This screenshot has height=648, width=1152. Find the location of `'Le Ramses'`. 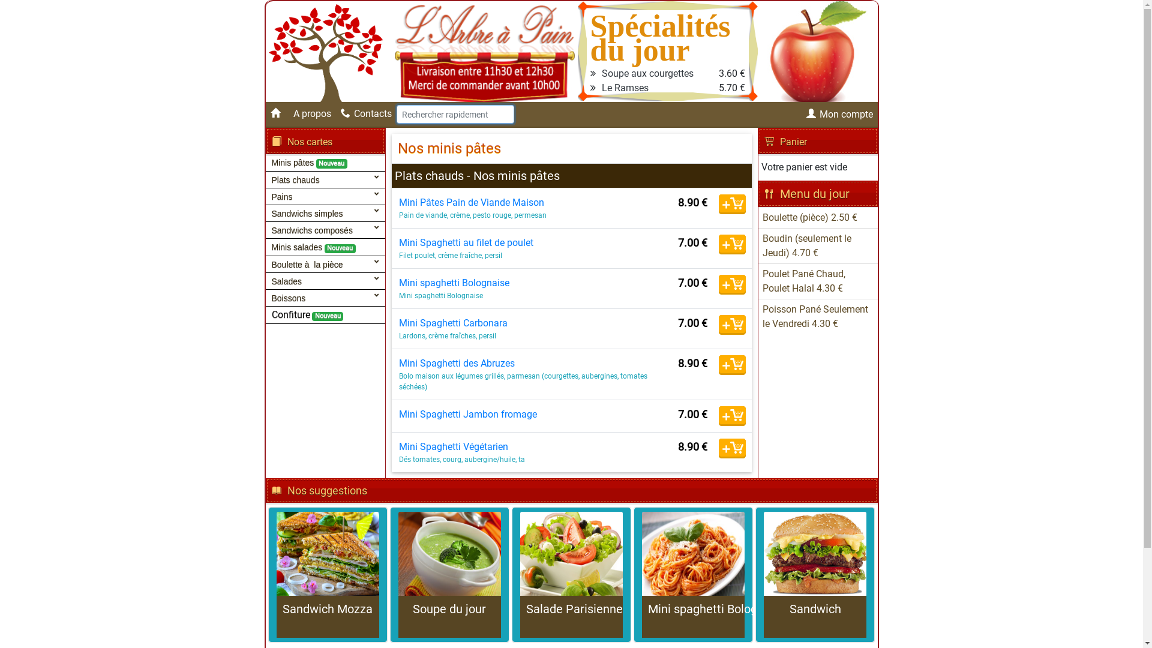

'Le Ramses' is located at coordinates (624, 87).